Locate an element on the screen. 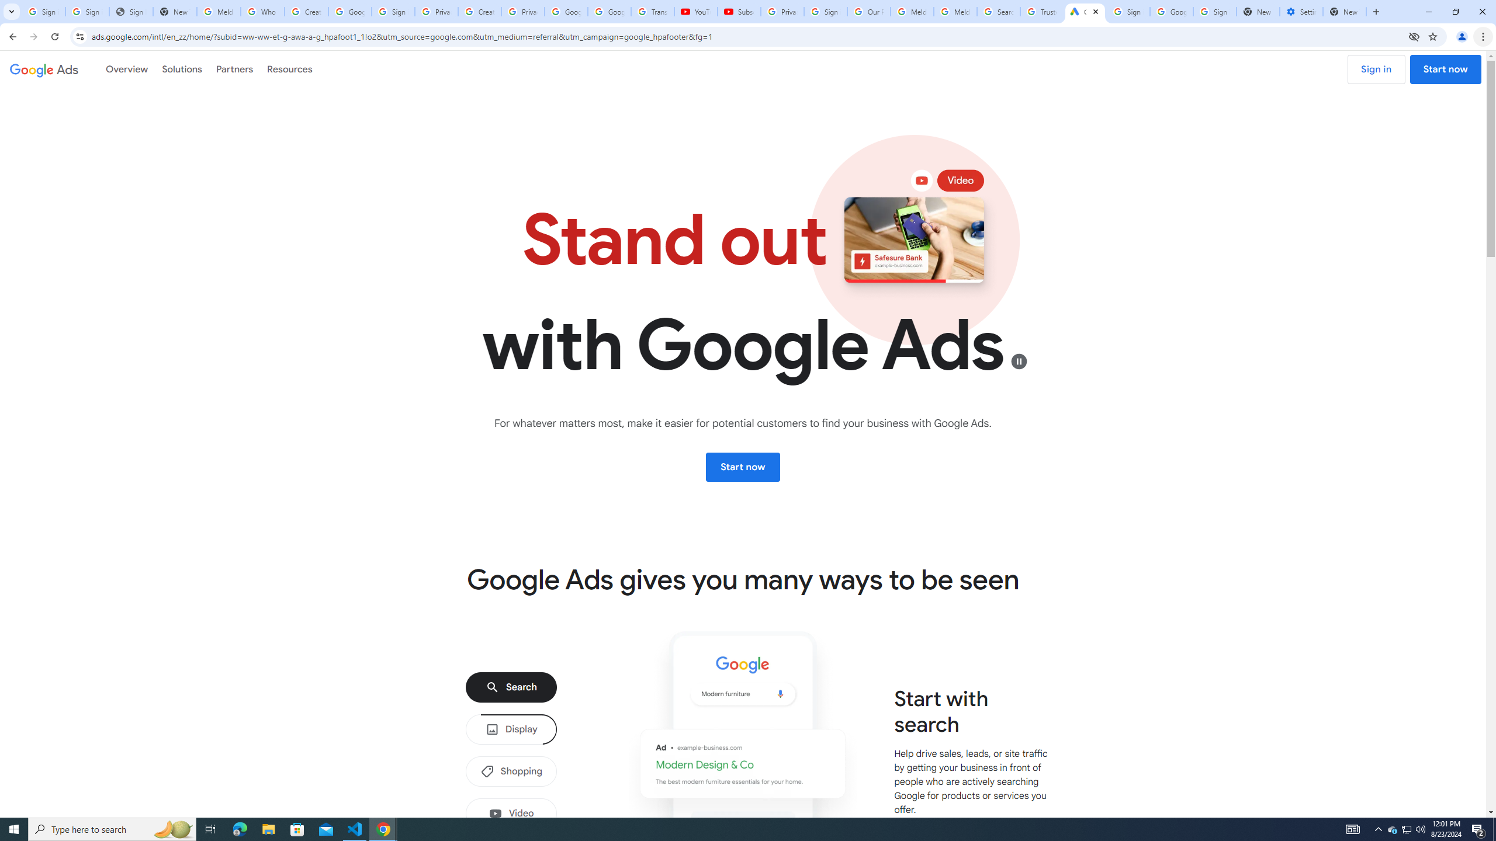  'Google Ads' is located at coordinates (43, 69).